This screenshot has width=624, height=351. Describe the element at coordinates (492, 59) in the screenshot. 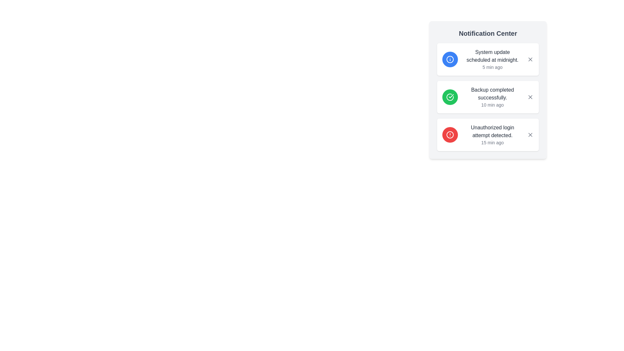

I see `the notification message located within the top notification card of the notification panel, which displays a title and timestamp for events` at that location.